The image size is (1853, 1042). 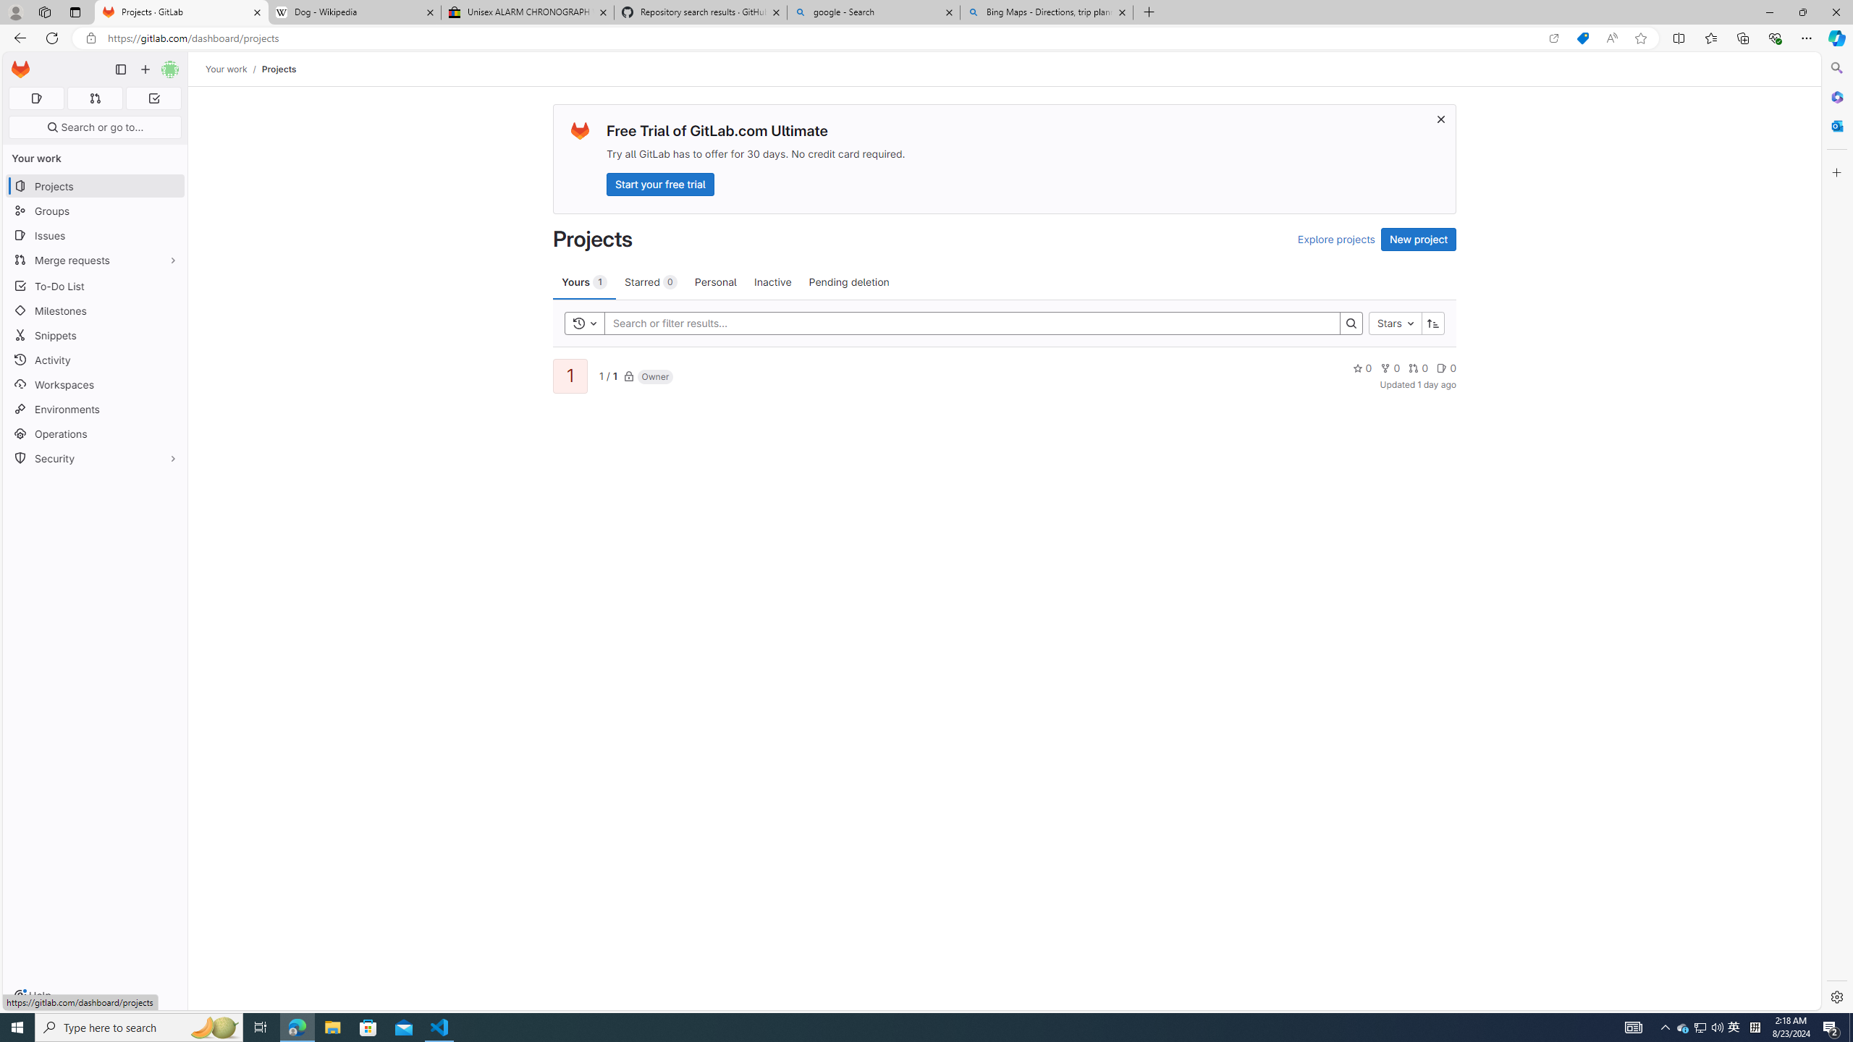 I want to click on '1', so click(x=569, y=375).